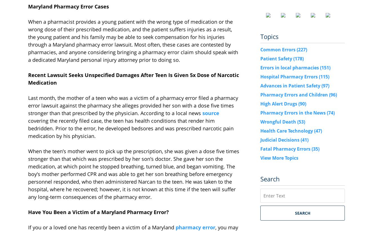 The width and height of the screenshot is (380, 231). Describe the element at coordinates (99, 212) in the screenshot. I see `'Have You Been a Victim of a Maryland Pharmacy Error?'` at that location.